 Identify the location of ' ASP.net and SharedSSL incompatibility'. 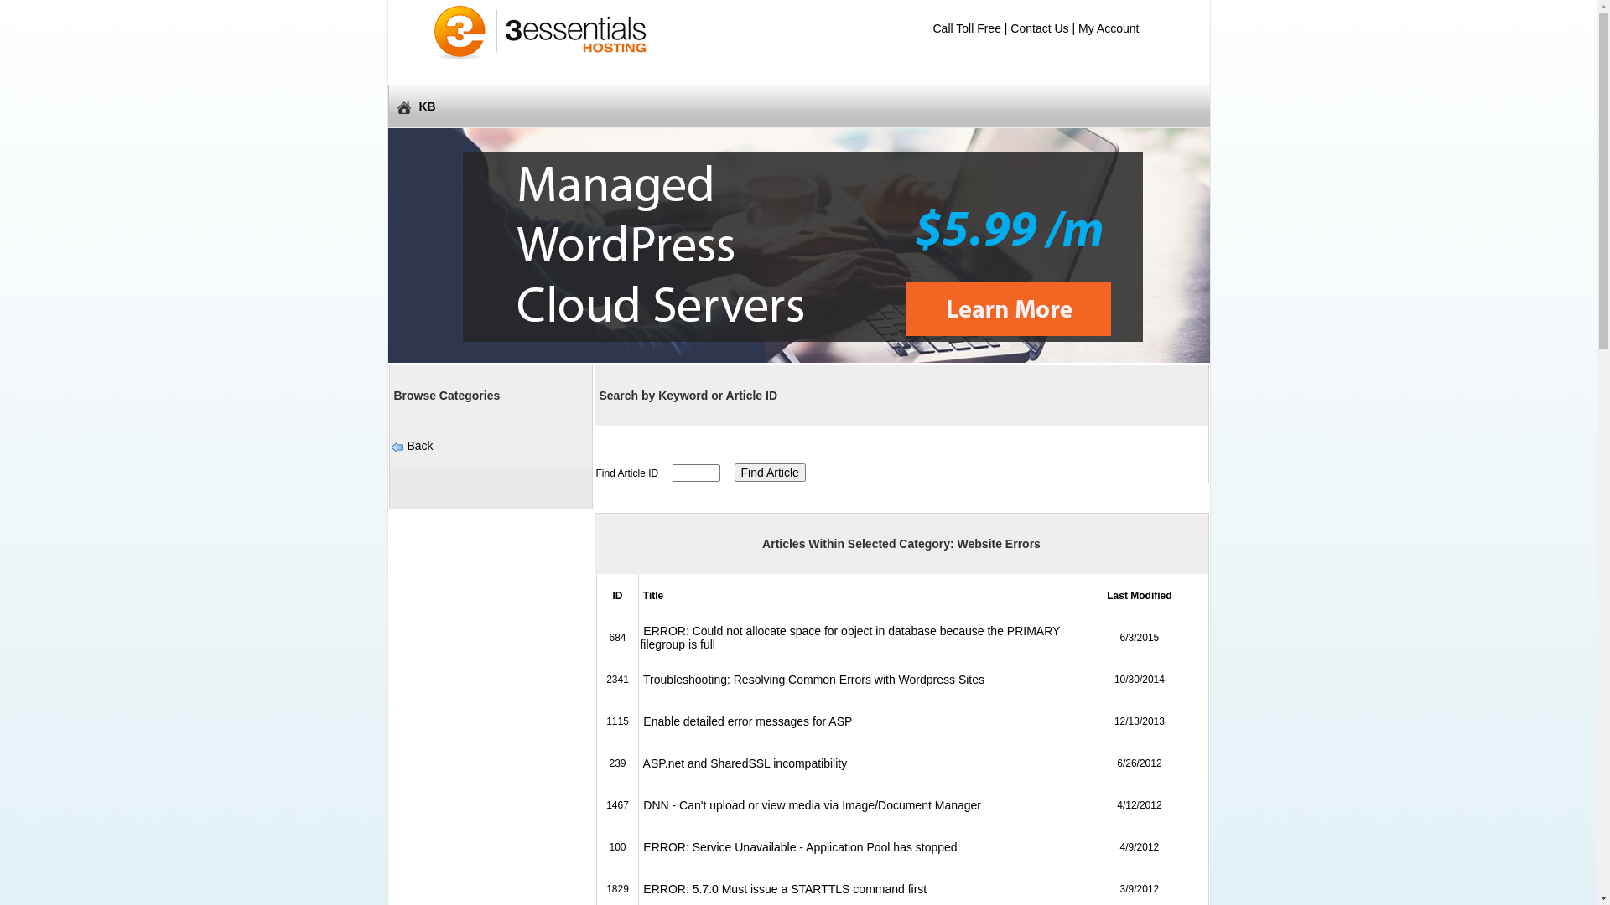
(639, 763).